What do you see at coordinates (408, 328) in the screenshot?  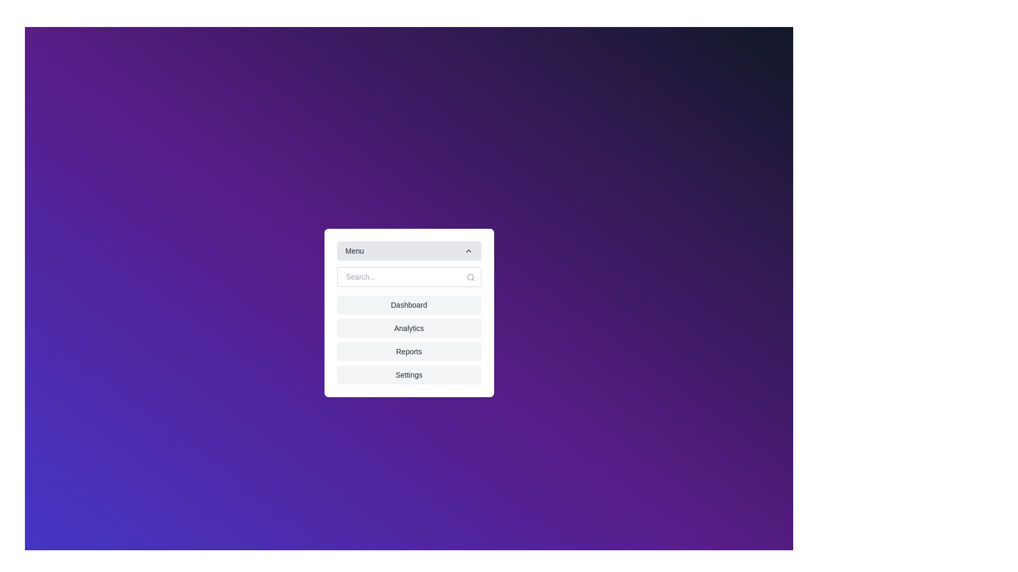 I see `the menu option Analytics` at bounding box center [408, 328].